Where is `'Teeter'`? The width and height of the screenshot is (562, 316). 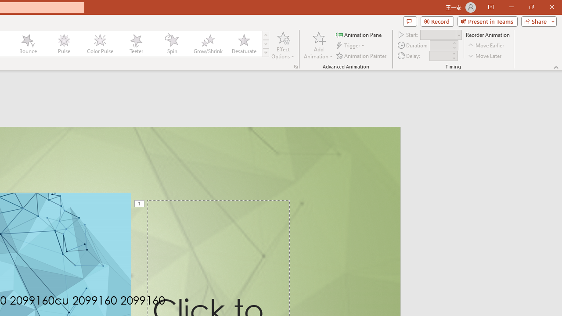 'Teeter' is located at coordinates (135, 44).